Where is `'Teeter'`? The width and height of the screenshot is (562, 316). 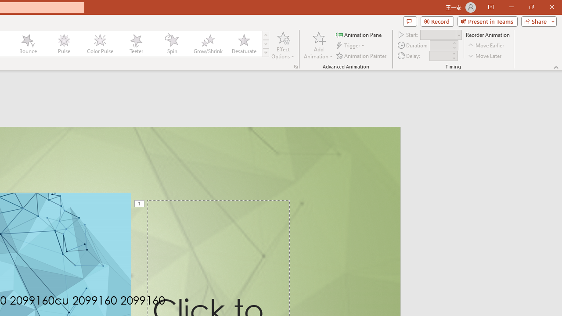 'Teeter' is located at coordinates (135, 44).